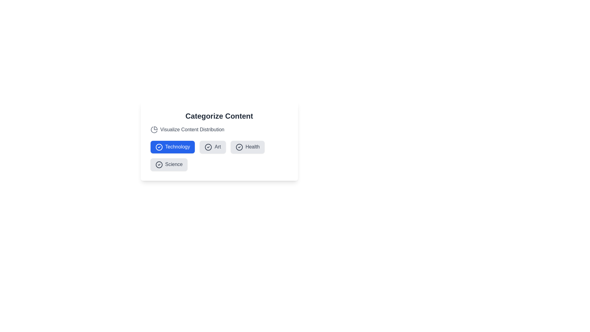 The image size is (590, 332). Describe the element at coordinates (169, 164) in the screenshot. I see `the Science button to view its hover effect` at that location.